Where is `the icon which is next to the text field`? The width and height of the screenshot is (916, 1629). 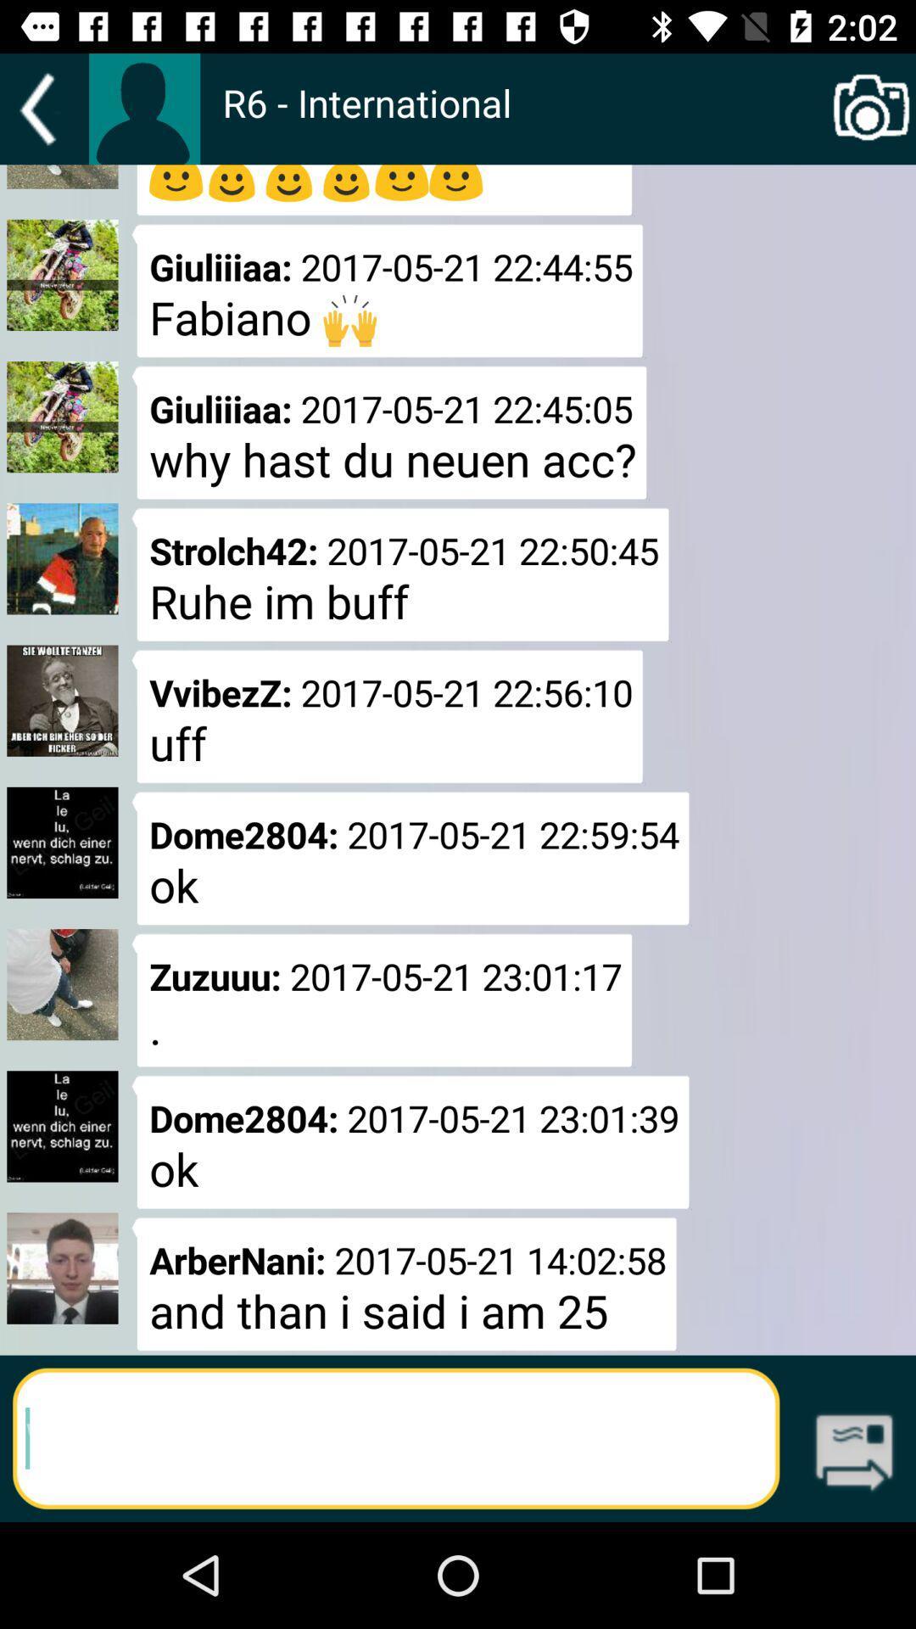 the icon which is next to the text field is located at coordinates (854, 1453).